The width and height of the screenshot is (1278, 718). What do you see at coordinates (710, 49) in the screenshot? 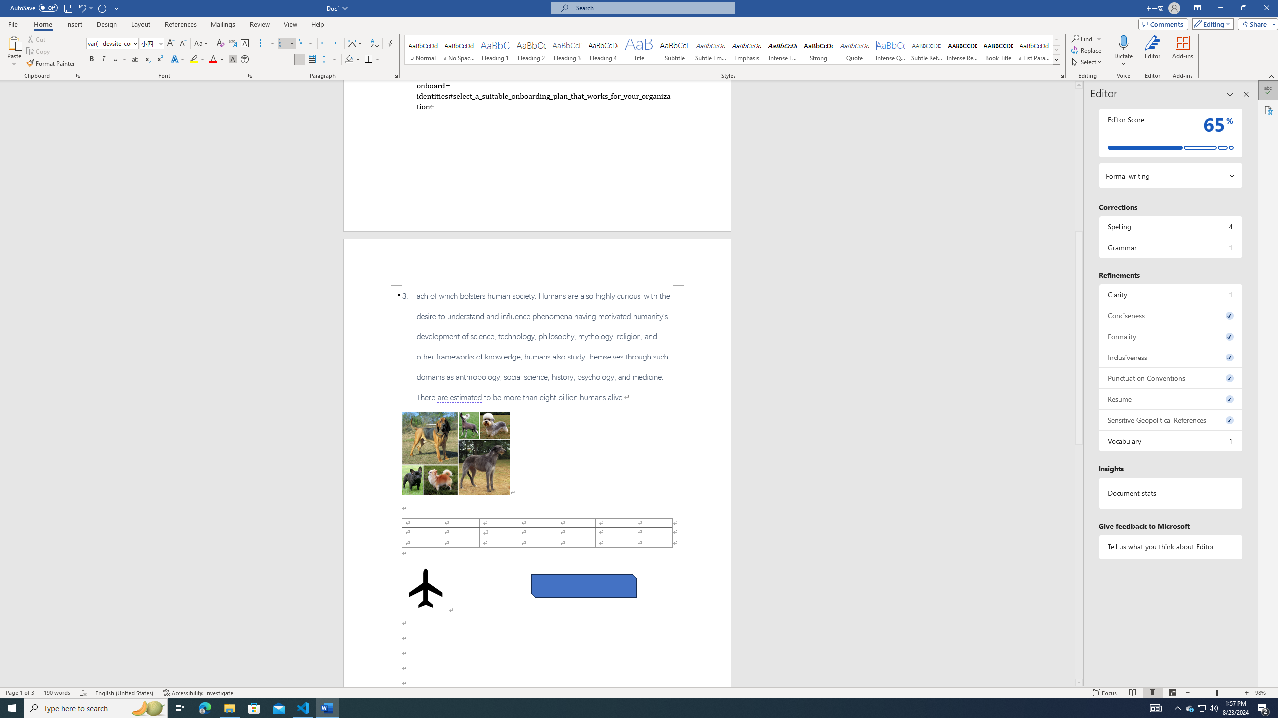
I see `'Subtle Emphasis'` at bounding box center [710, 49].